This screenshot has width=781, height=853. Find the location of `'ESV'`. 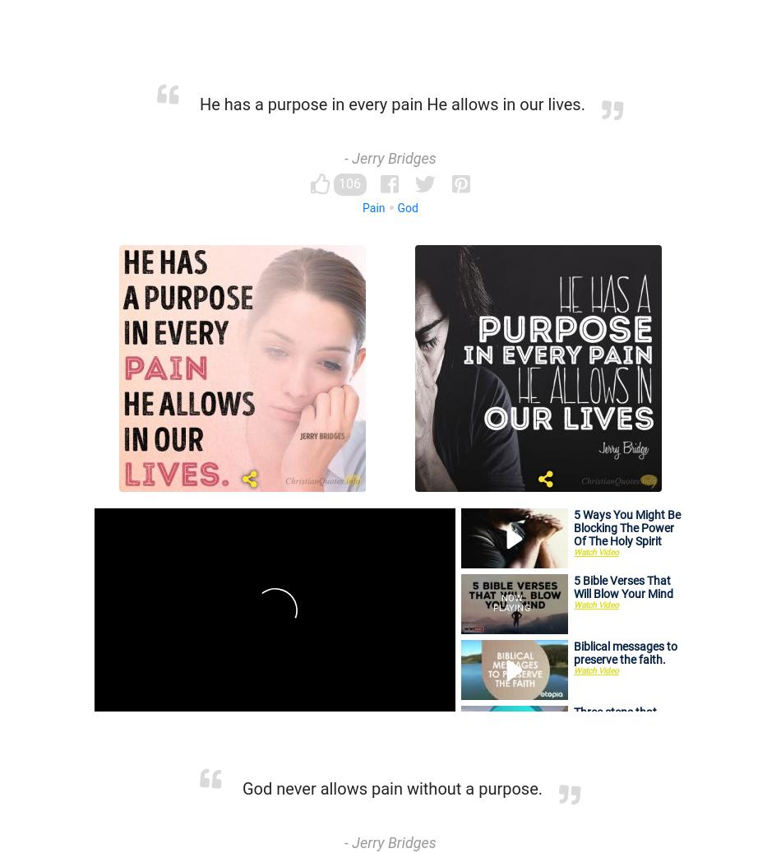

'ESV' is located at coordinates (118, 773).